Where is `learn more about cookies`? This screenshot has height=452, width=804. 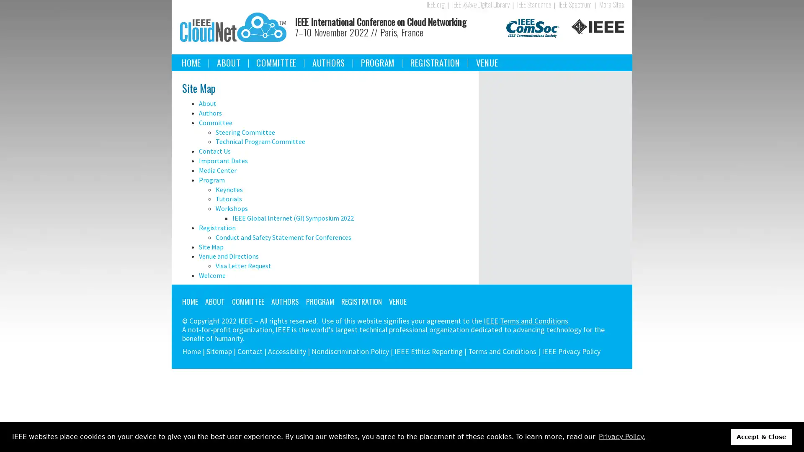 learn more about cookies is located at coordinates (621, 437).